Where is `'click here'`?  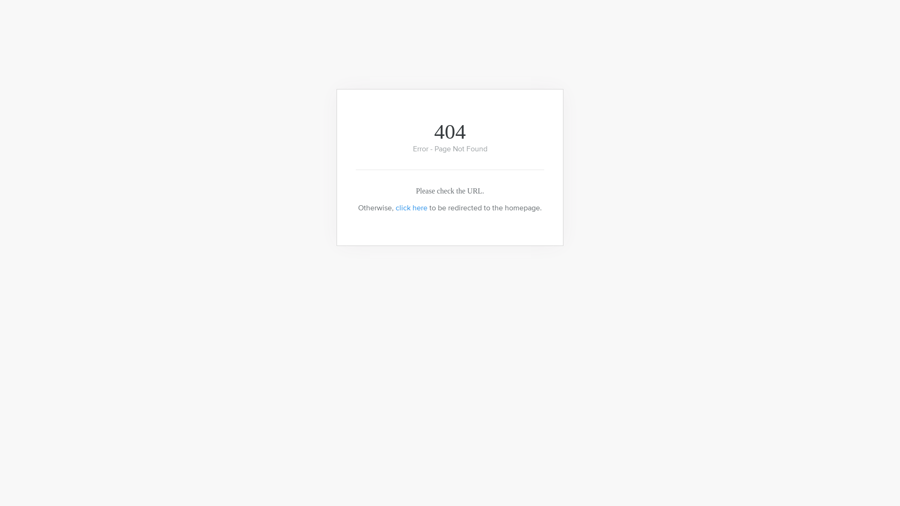
'click here' is located at coordinates (412, 207).